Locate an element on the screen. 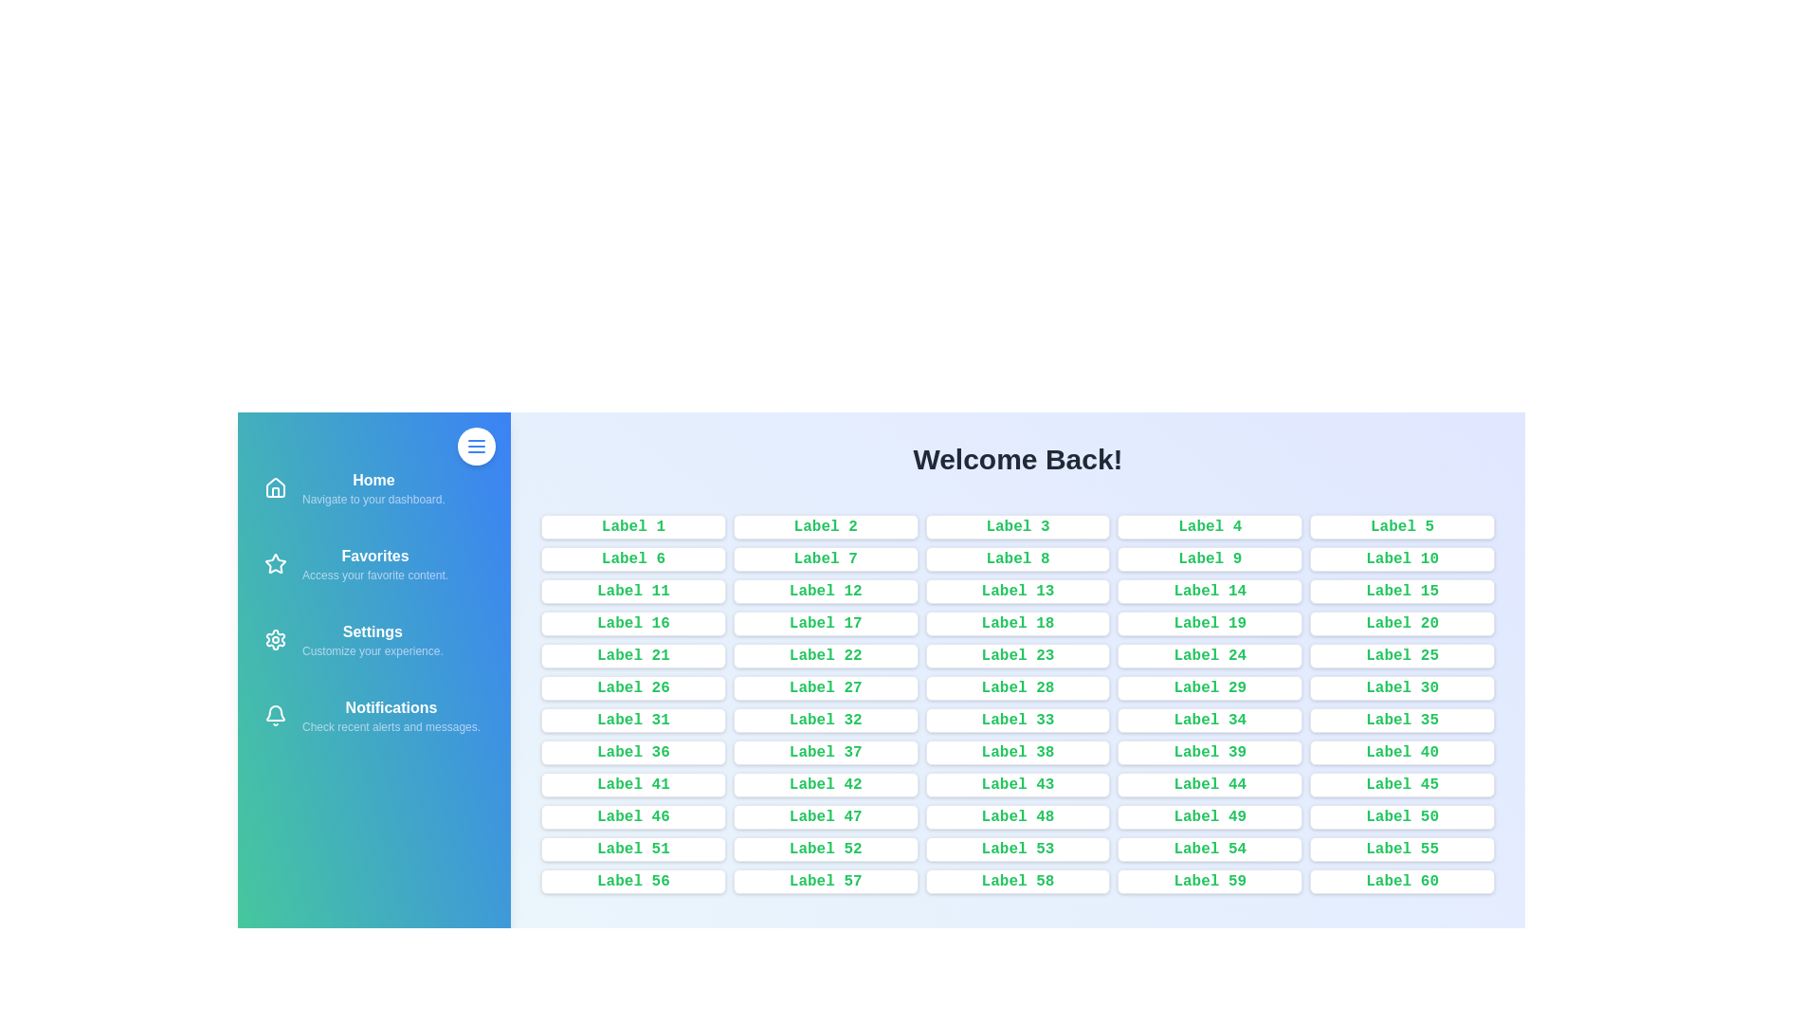 This screenshot has width=1820, height=1024. the navigation item Settings is located at coordinates (373, 640).